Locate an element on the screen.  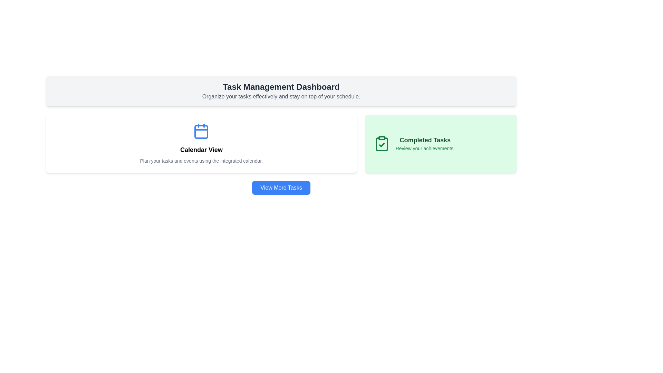
the text label providing additional information for the 'Completed Tasks' section, located beneath the 'Completed Tasks' heading is located at coordinates (425, 148).